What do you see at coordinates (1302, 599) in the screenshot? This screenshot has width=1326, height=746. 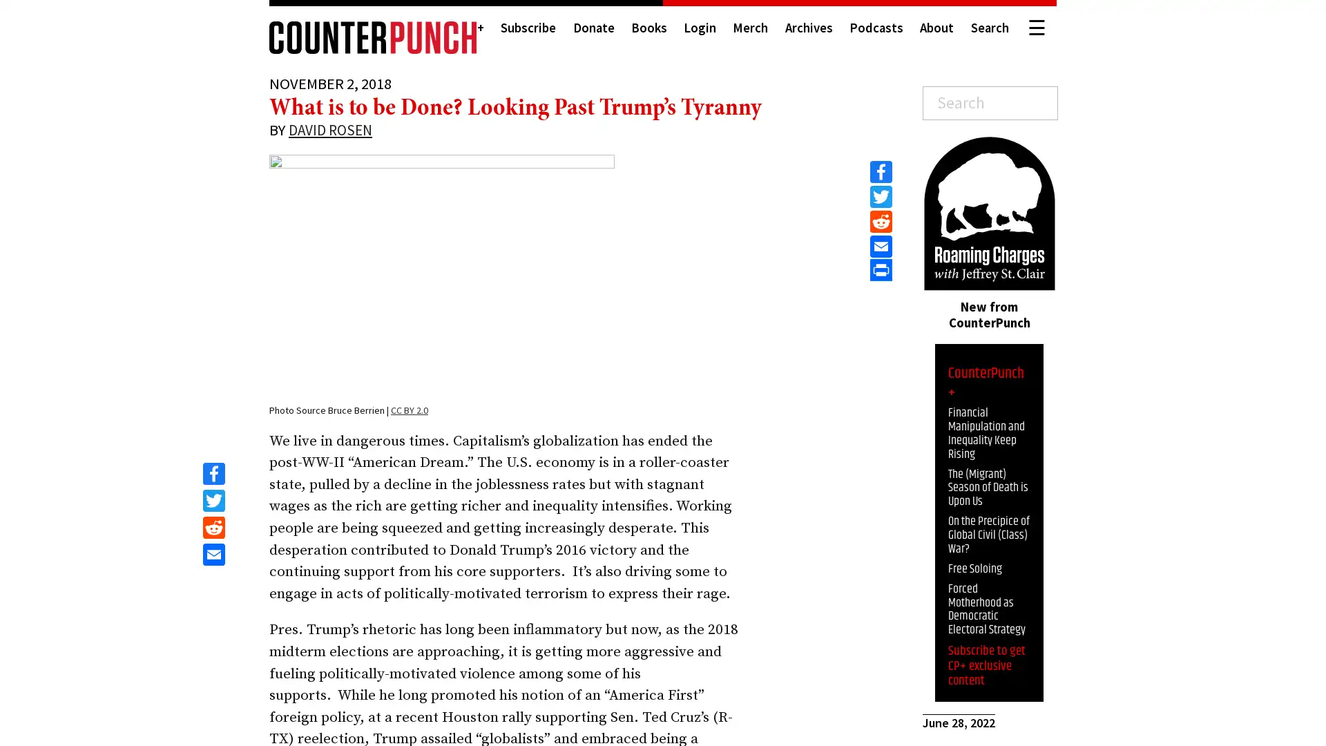 I see `Close` at bounding box center [1302, 599].